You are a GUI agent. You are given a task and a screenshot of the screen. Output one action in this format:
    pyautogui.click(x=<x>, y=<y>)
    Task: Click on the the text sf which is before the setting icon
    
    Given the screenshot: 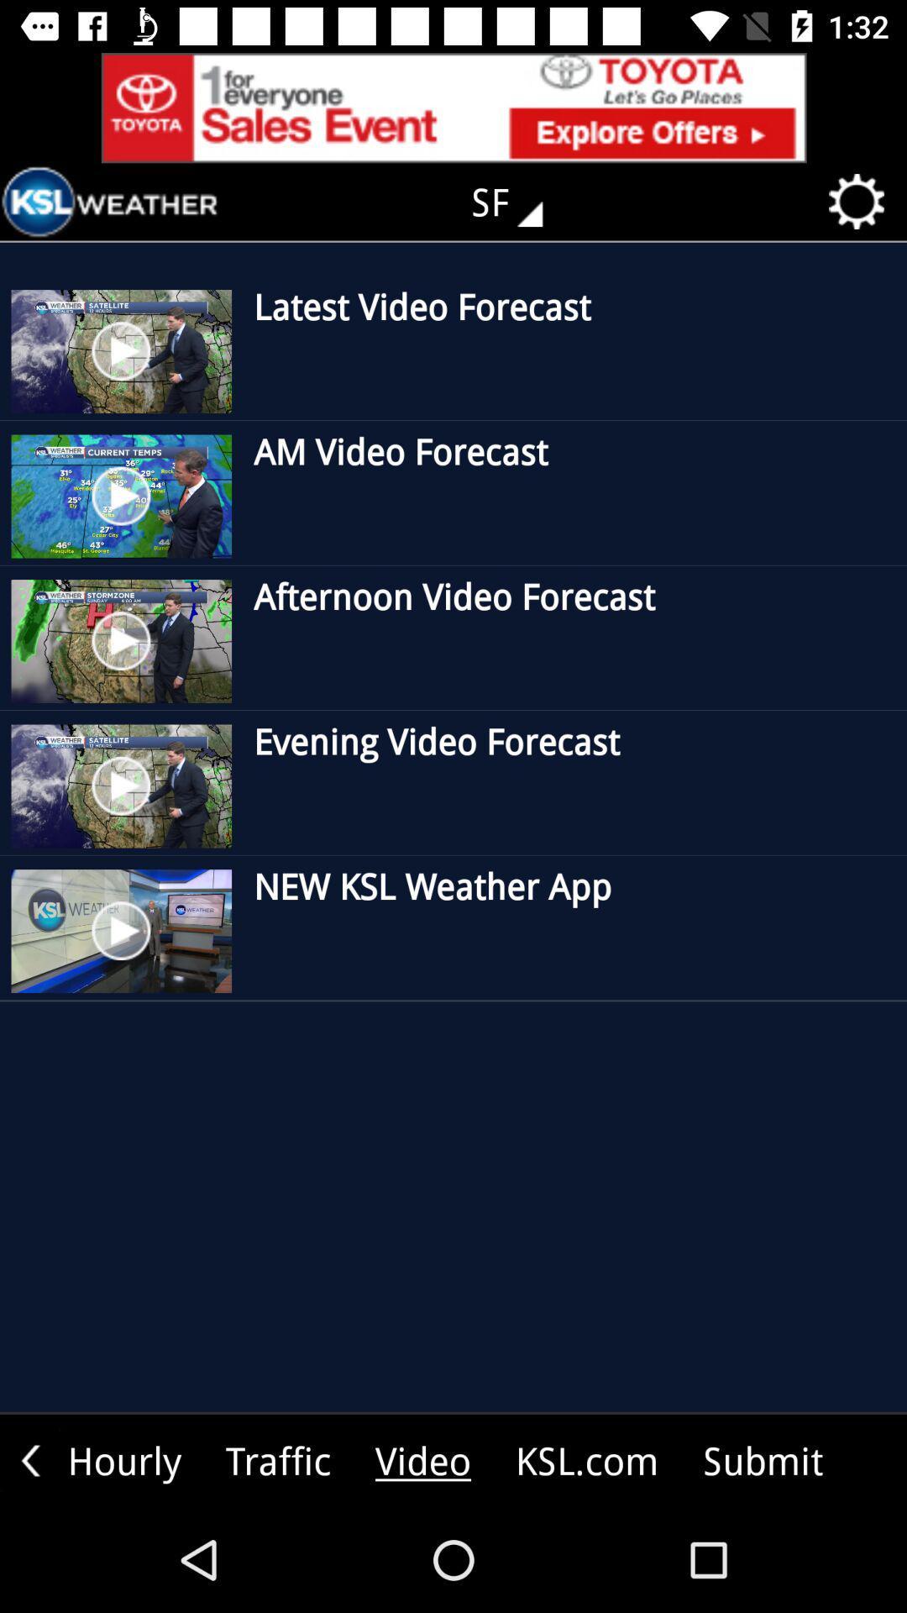 What is the action you would take?
    pyautogui.click(x=518, y=202)
    